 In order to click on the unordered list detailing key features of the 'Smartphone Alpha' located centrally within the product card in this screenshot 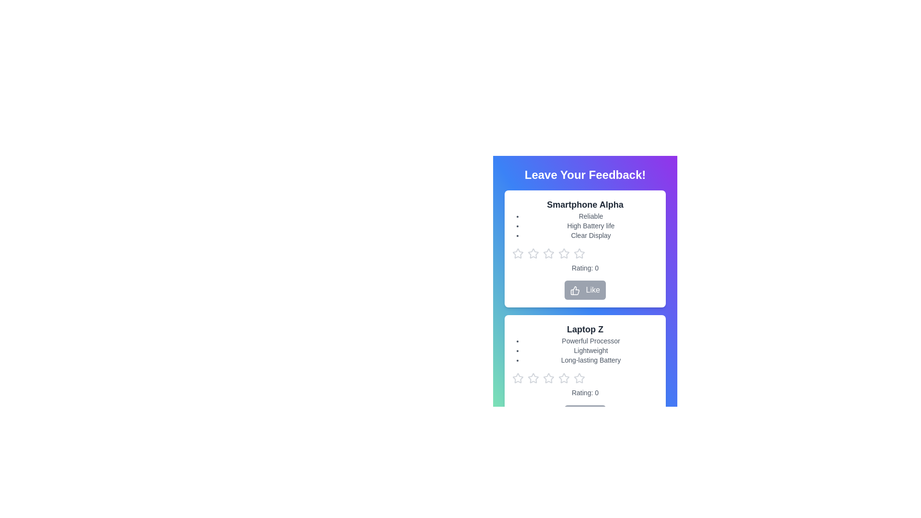, I will do `click(590, 225)`.